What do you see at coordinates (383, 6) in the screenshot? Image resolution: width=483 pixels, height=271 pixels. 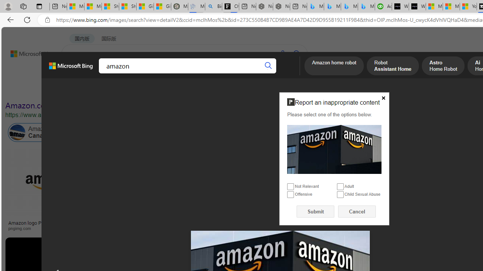 I see `'Accounting Software for Accountants, CPAs and Bookkeepers'` at bounding box center [383, 6].